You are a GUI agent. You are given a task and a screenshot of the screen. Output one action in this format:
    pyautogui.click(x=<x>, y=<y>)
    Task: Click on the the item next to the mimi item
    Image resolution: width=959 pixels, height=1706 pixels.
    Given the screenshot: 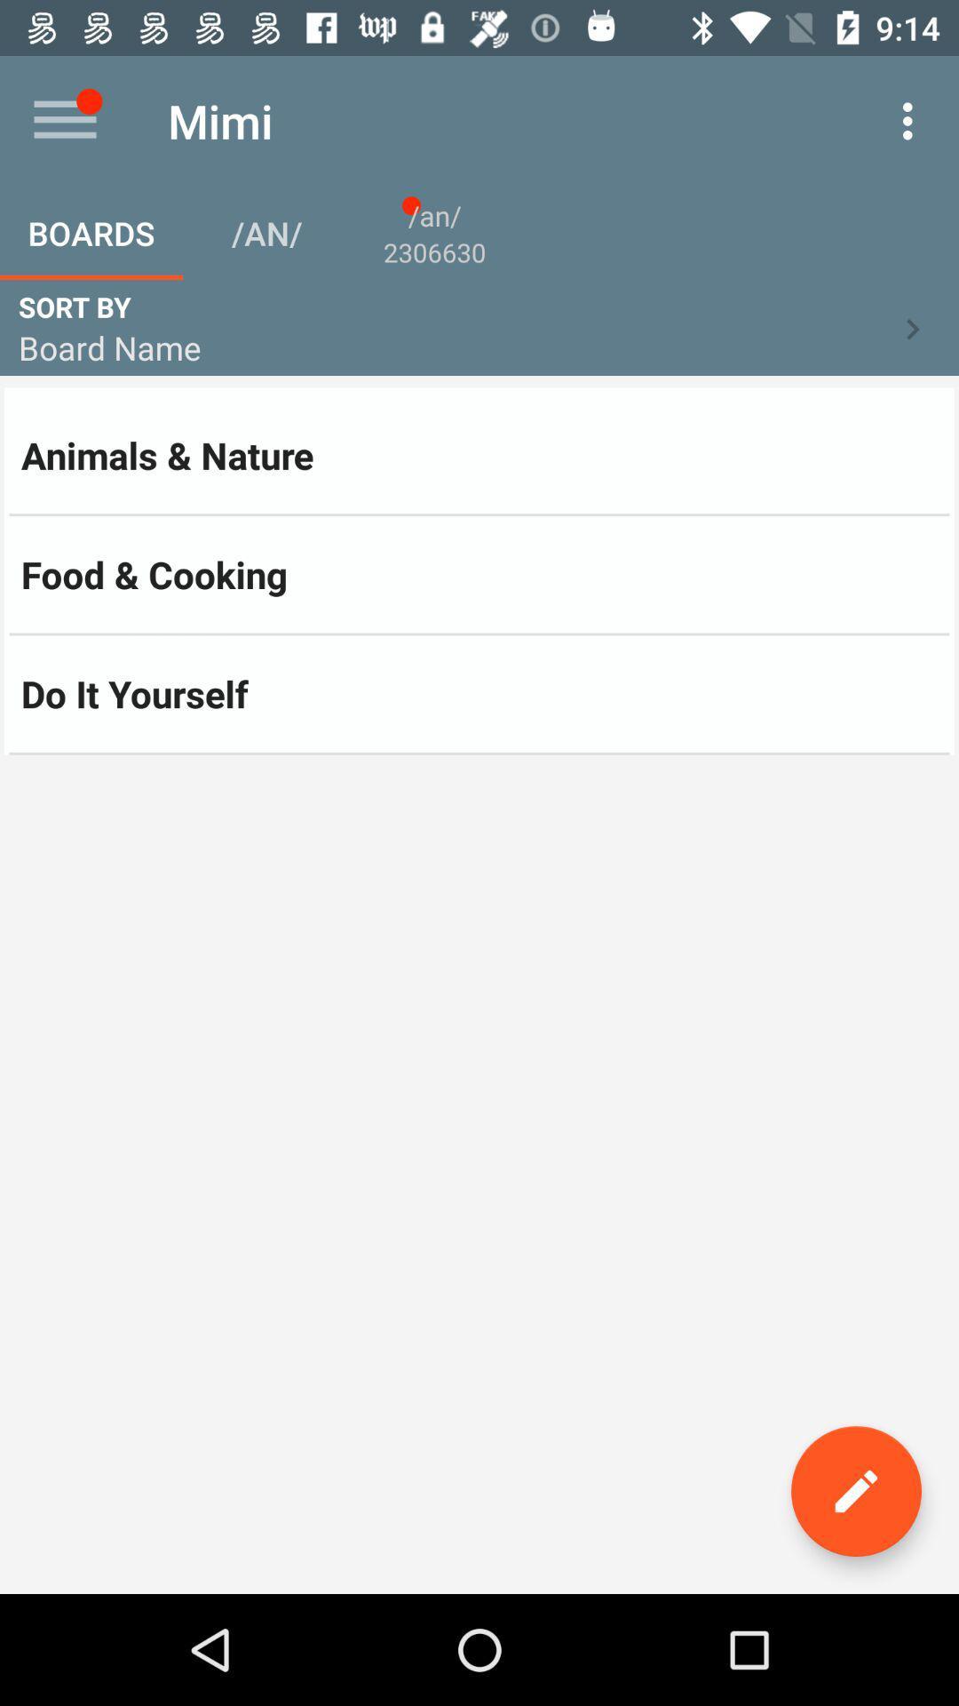 What is the action you would take?
    pyautogui.click(x=64, y=120)
    